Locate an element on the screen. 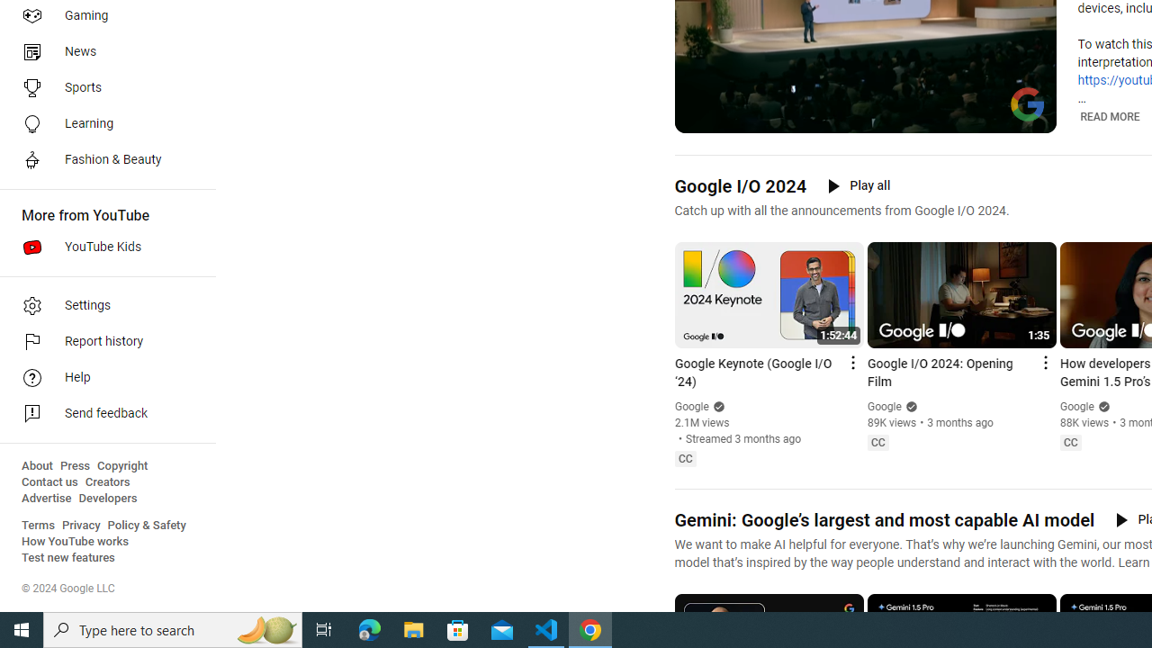  'Mute (m)' is located at coordinates (734, 117).